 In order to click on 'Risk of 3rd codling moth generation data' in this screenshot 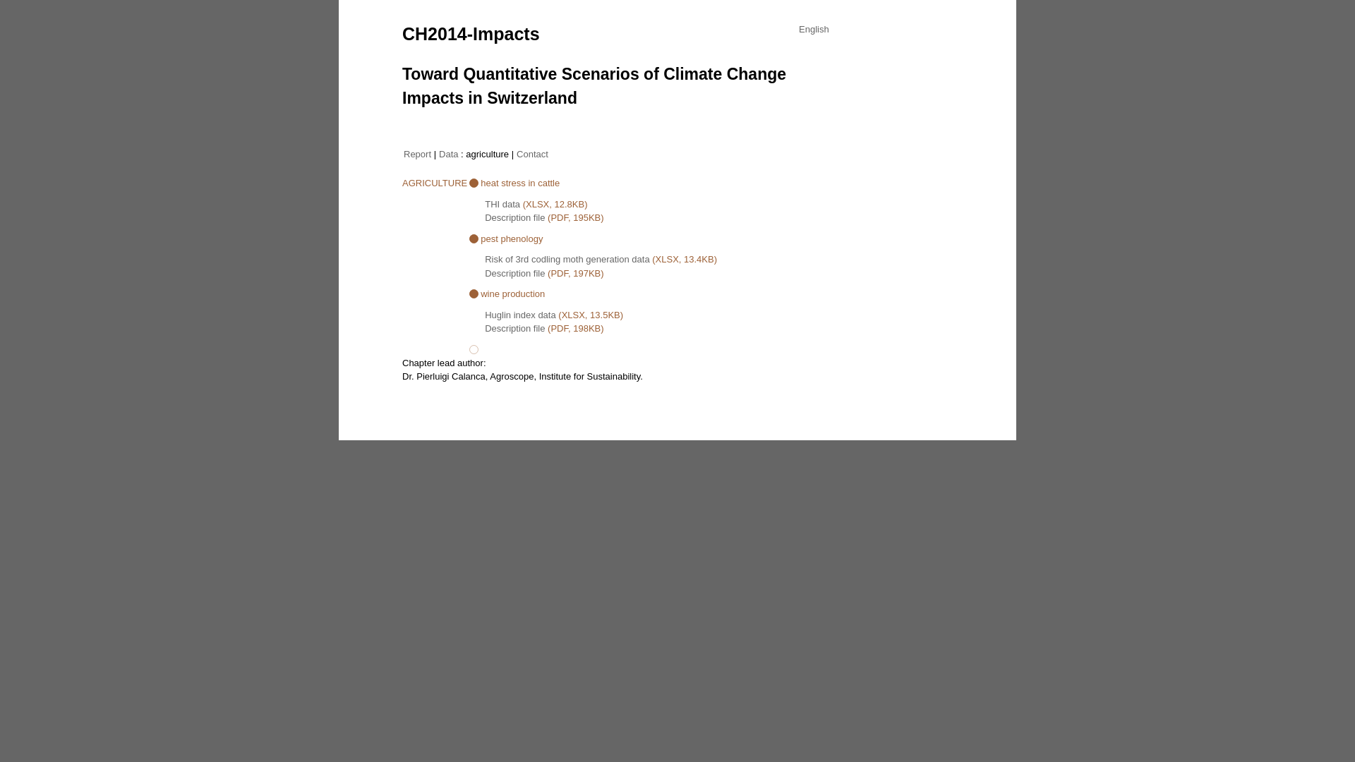, I will do `click(567, 259)`.